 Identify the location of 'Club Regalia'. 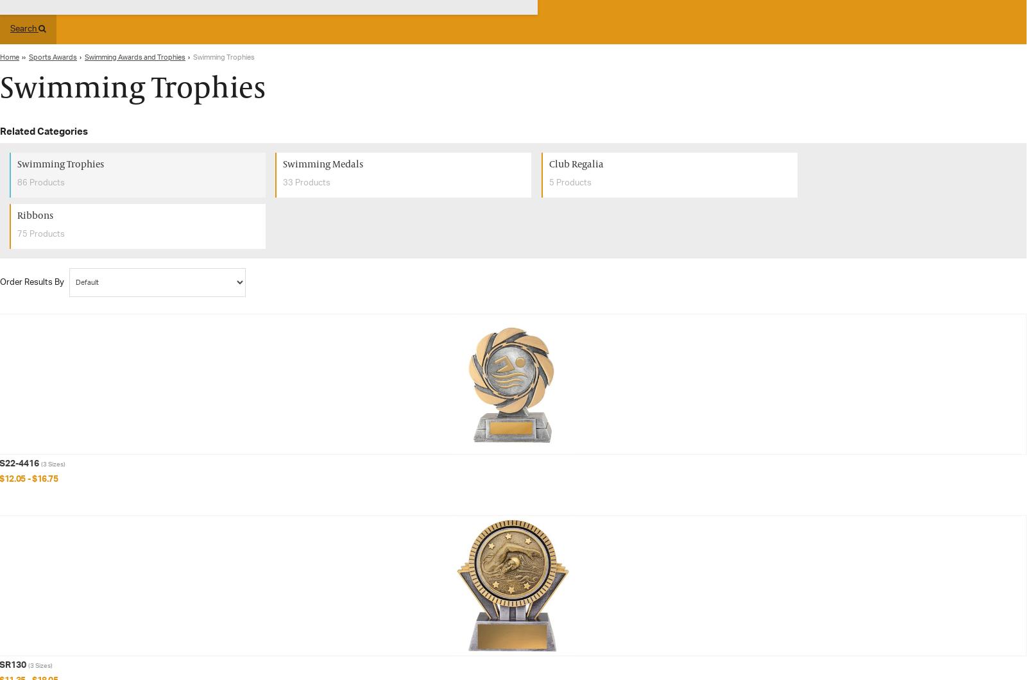
(575, 162).